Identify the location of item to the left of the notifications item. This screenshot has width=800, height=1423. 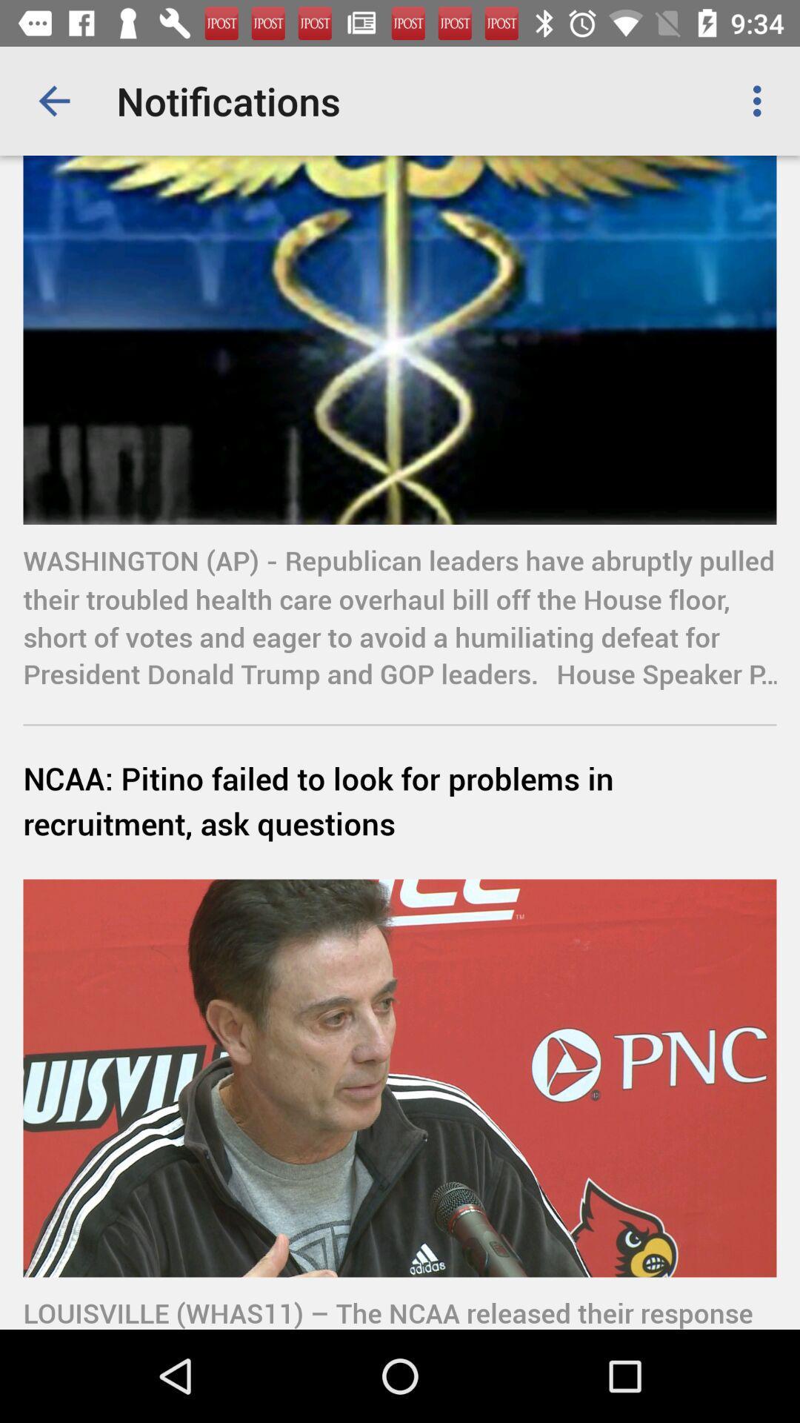
(53, 100).